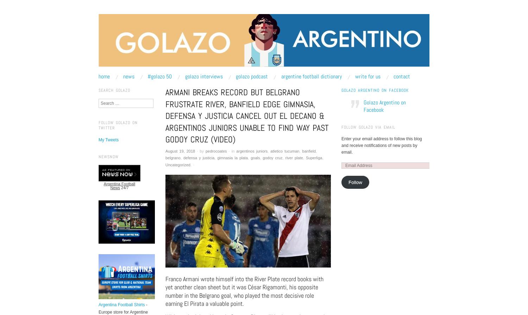 The image size is (528, 315). I want to click on 'Follow Golazo via Email', so click(368, 127).